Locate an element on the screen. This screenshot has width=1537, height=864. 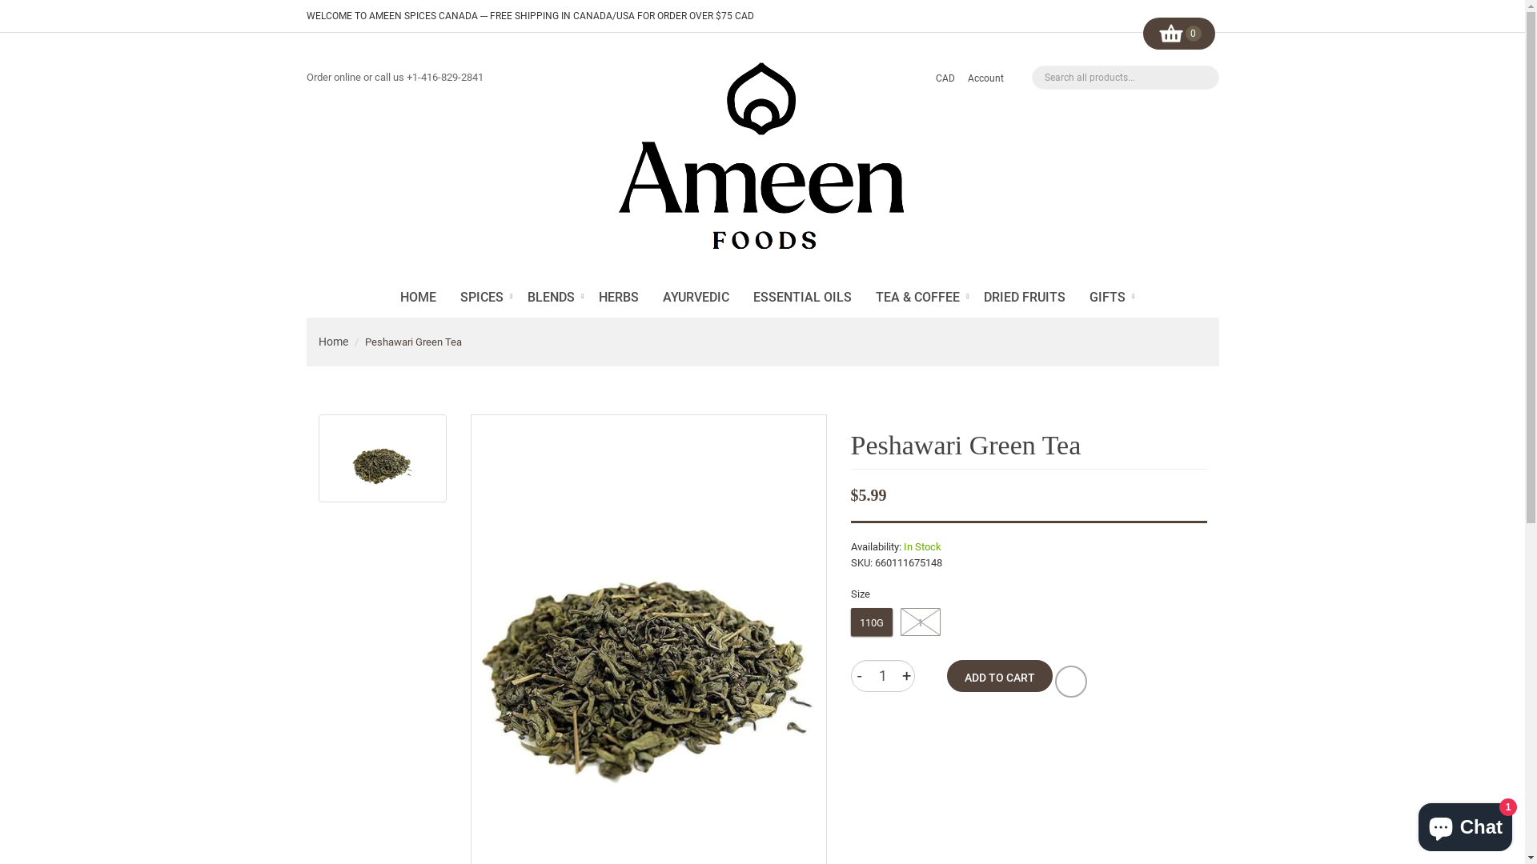
'HOME' is located at coordinates (387, 297).